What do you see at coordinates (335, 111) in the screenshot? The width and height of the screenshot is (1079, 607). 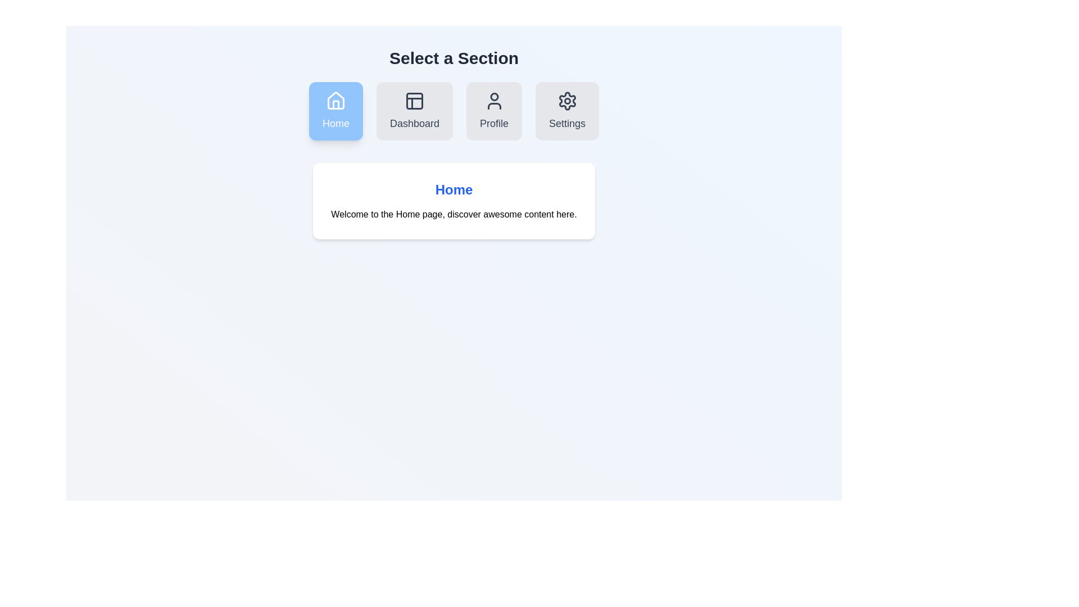 I see `the Home section icon to select it` at bounding box center [335, 111].